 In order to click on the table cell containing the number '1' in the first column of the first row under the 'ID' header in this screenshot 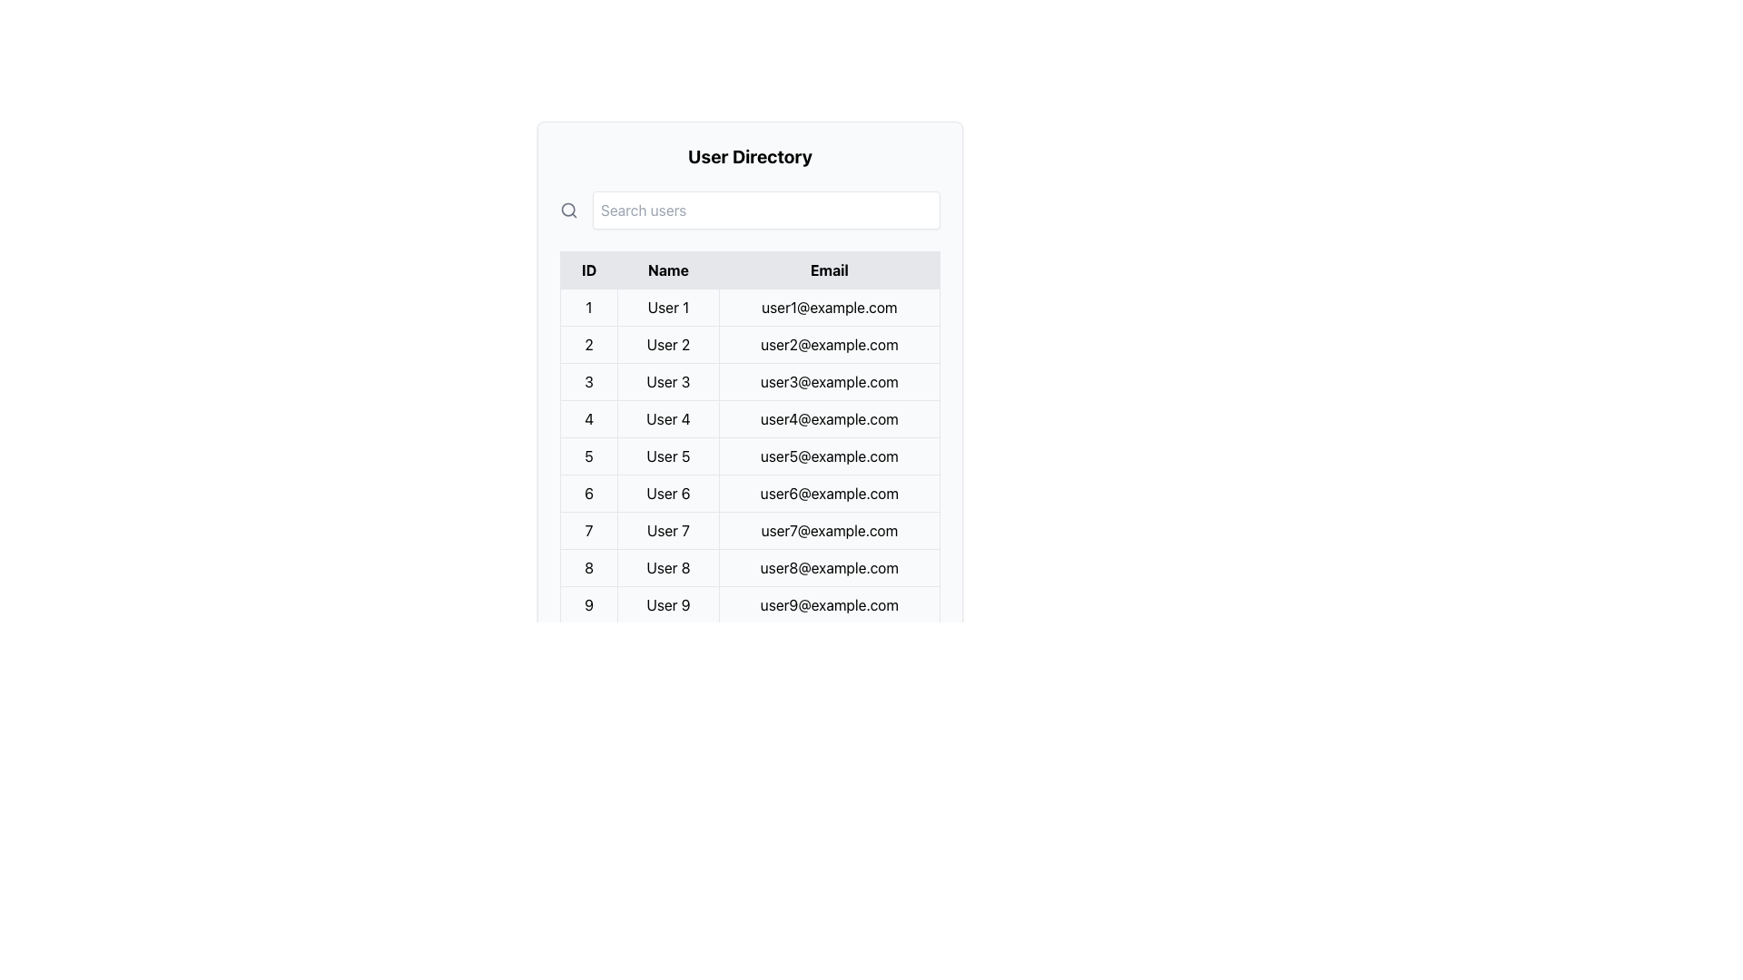, I will do `click(588, 307)`.